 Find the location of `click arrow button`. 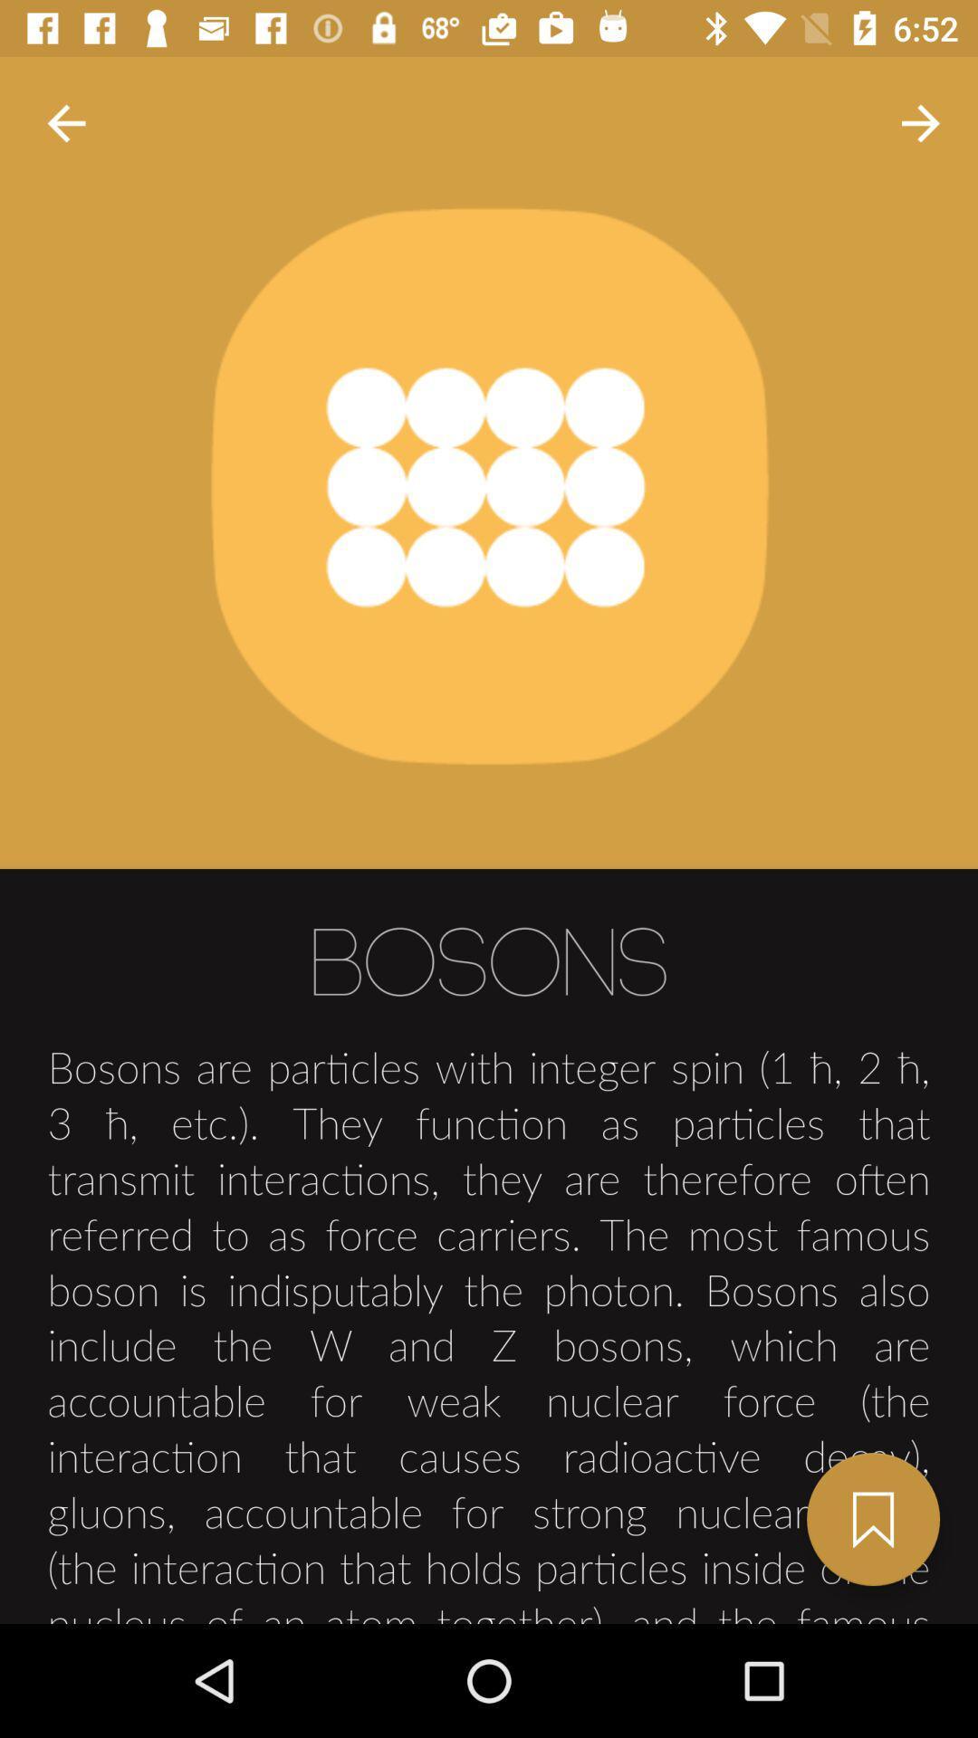

click arrow button is located at coordinates (65, 122).